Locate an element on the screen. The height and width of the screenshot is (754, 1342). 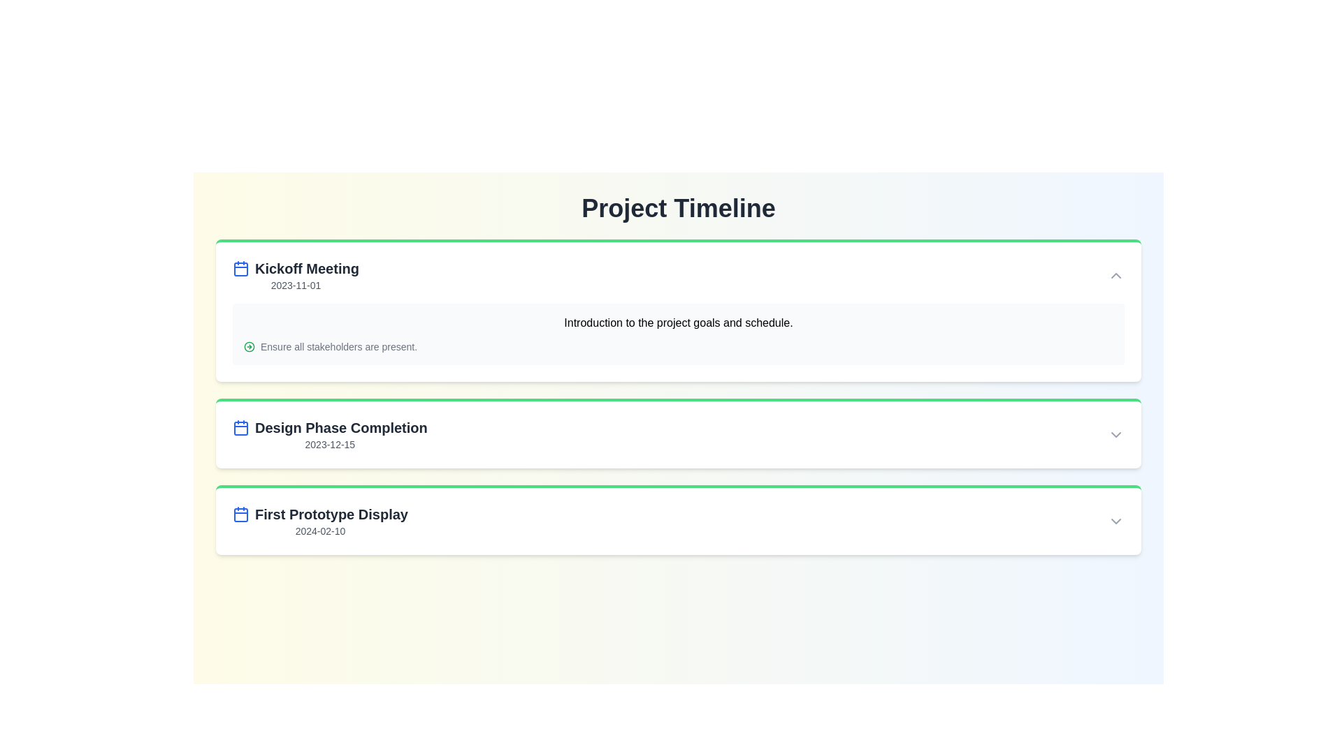
the header text element denoting the milestone 'First Prototype Display' in the project timeline, located above the date '2024-02-10' is located at coordinates (319, 514).